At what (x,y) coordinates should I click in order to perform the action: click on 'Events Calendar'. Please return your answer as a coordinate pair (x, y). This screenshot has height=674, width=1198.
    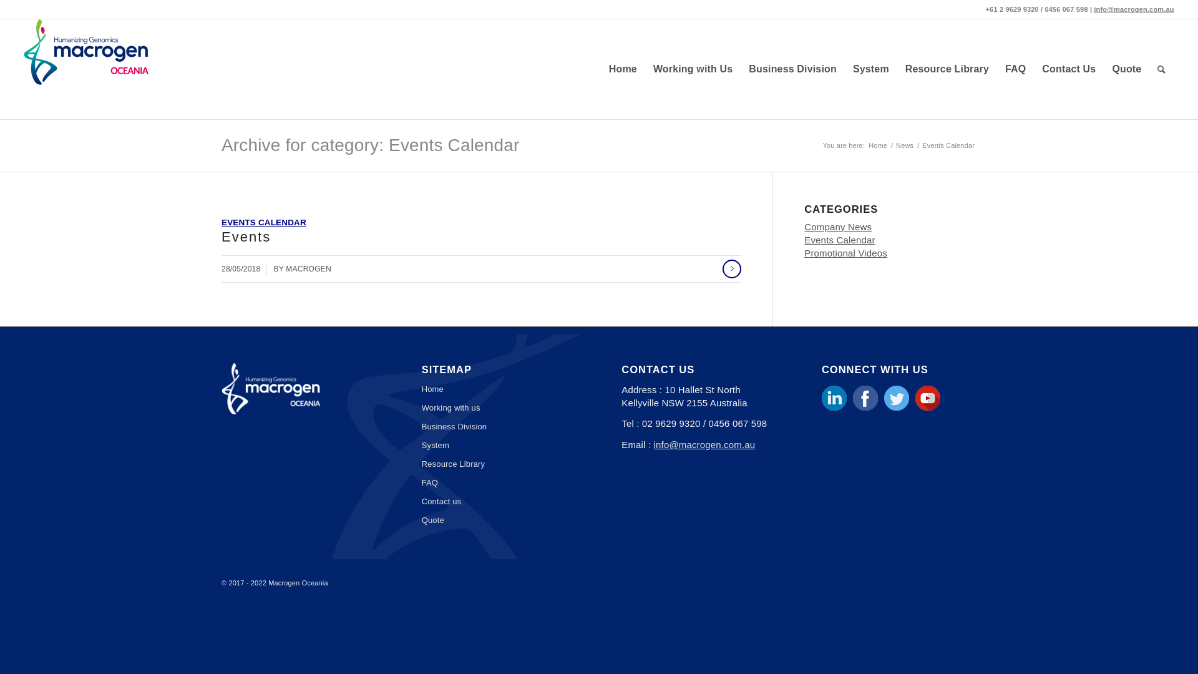
    Looking at the image, I should click on (839, 240).